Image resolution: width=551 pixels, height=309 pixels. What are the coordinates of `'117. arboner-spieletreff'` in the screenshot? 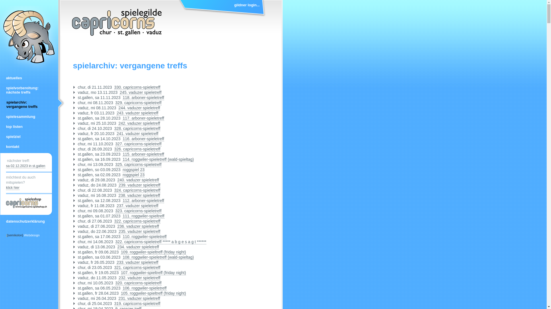 It's located at (143, 118).